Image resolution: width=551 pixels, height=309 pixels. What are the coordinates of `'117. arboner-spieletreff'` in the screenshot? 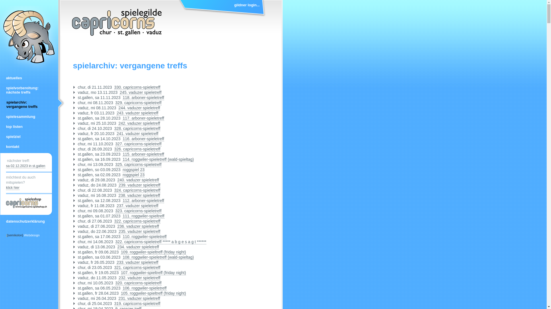 It's located at (143, 118).